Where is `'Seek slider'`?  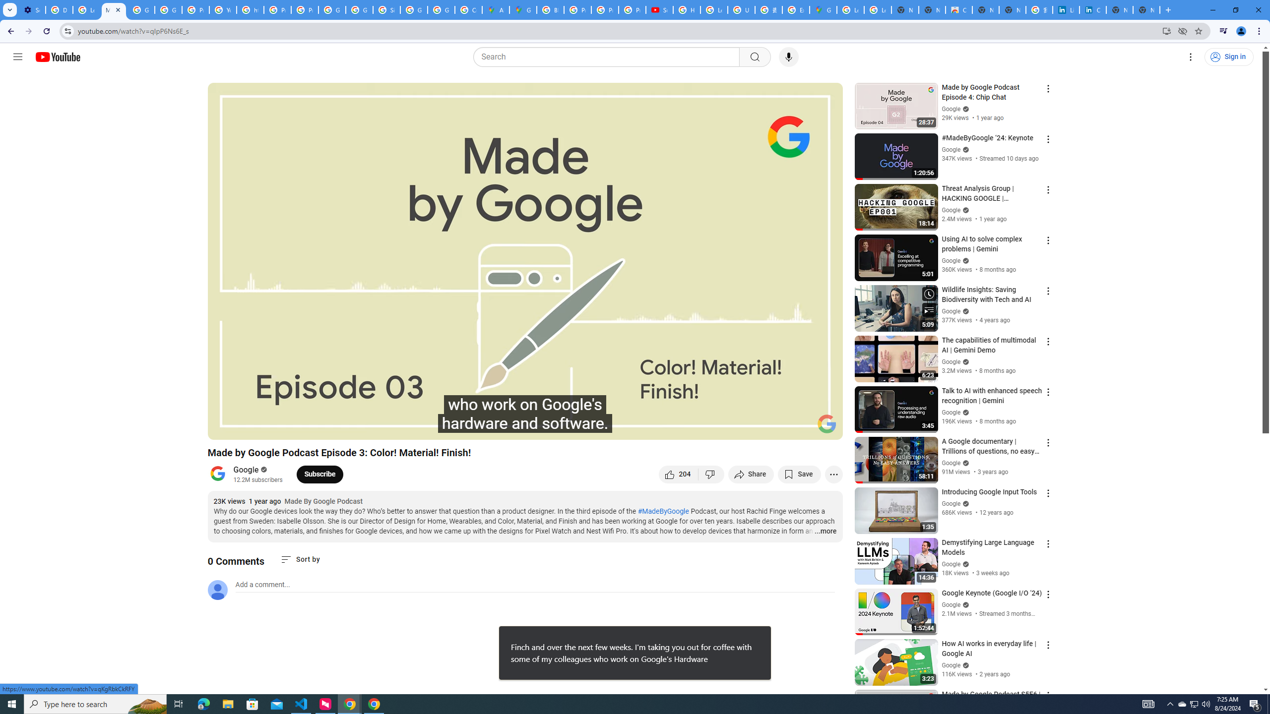 'Seek slider' is located at coordinates (524, 415).